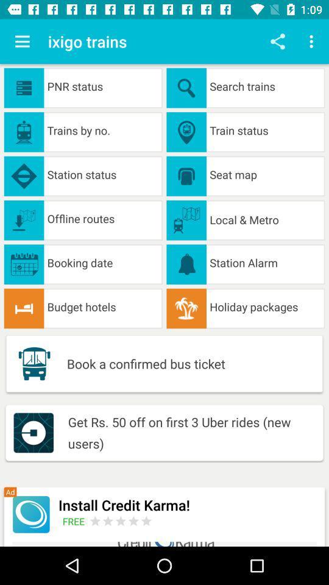 This screenshot has width=329, height=585. What do you see at coordinates (121, 520) in the screenshot?
I see `input rating` at bounding box center [121, 520].